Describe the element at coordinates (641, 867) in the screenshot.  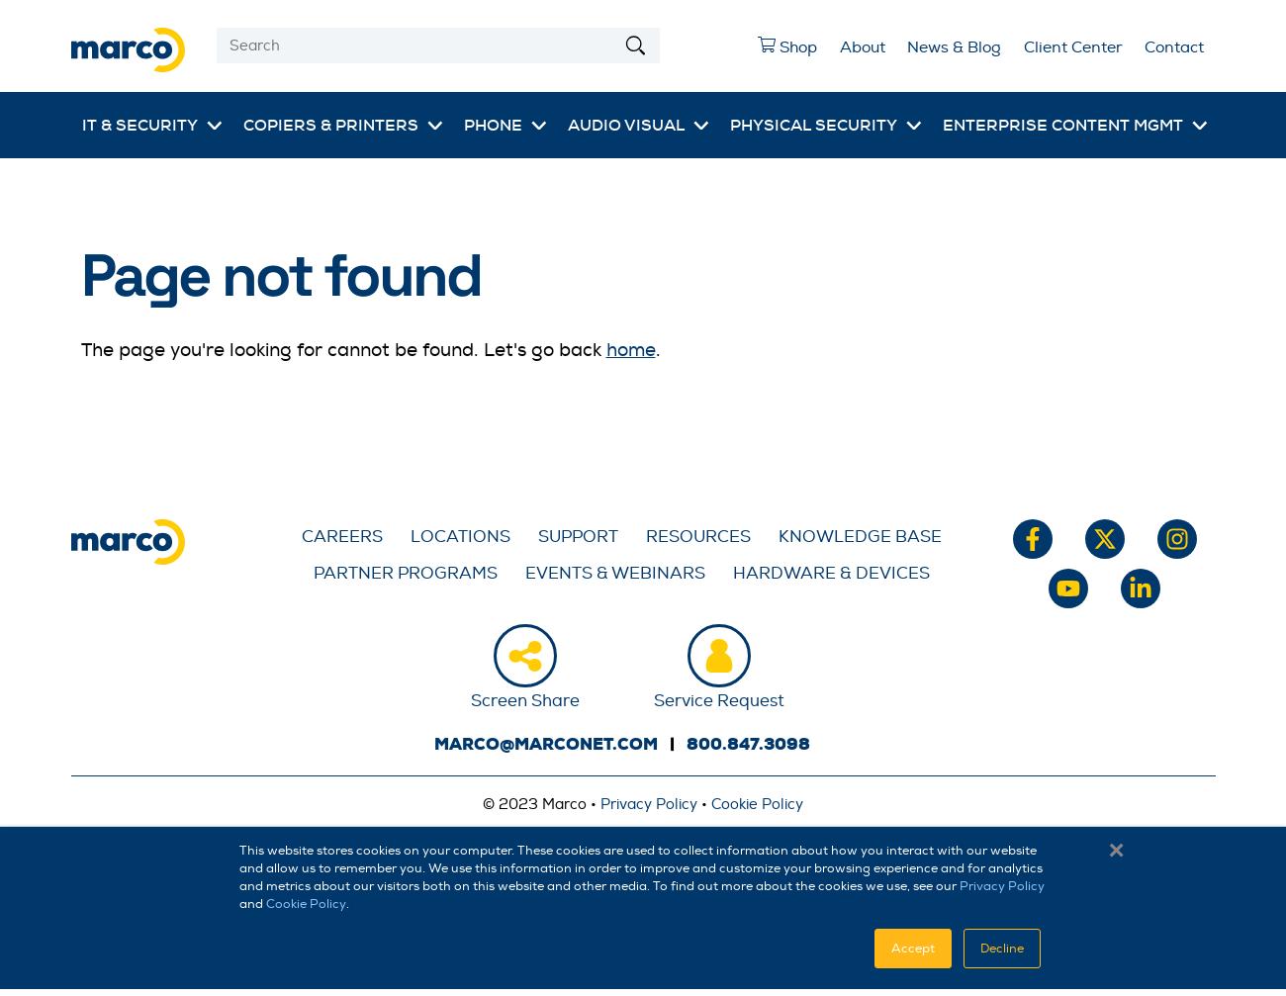
I see `'This website stores cookies on your computer. These cookies are used to collect information about how you interact with our website and allow us to remember you. We use this information in order to improve and customize your browsing experience and for analytics and metrics about our visitors both on this website and other media. To find out more about the cookies we use, see our'` at that location.